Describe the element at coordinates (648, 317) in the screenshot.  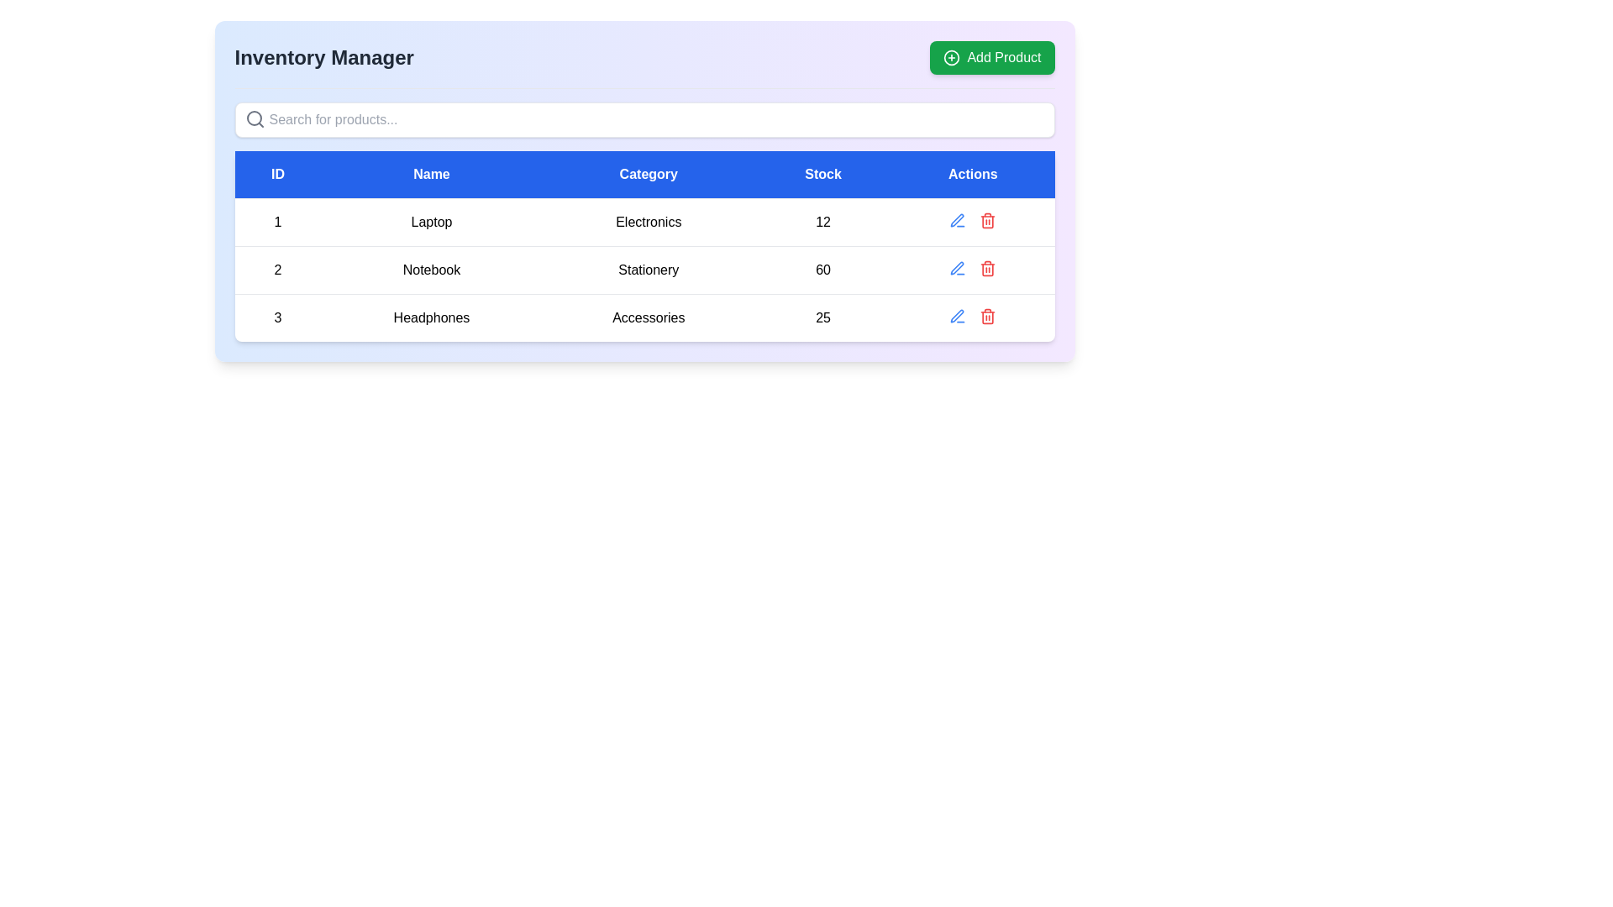
I see `the text element displaying 'Accessories' located in the third row under the 'Category' column of the data table` at that location.